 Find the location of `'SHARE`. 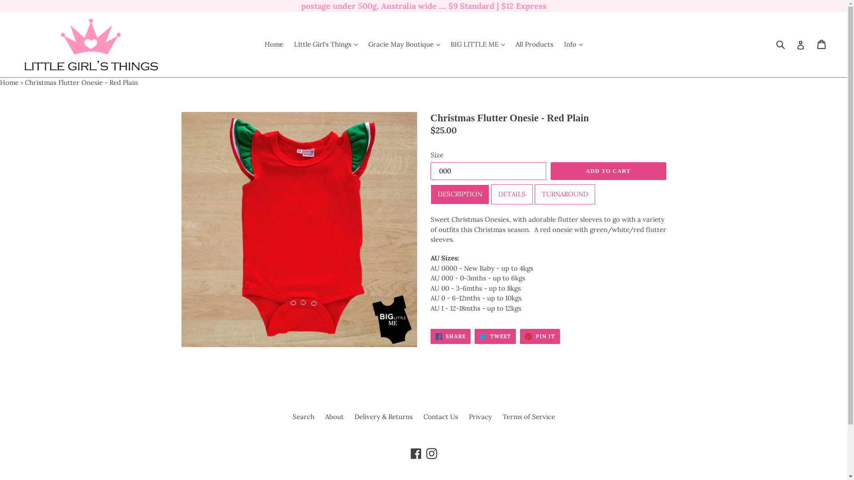

'SHARE is located at coordinates (451, 336).